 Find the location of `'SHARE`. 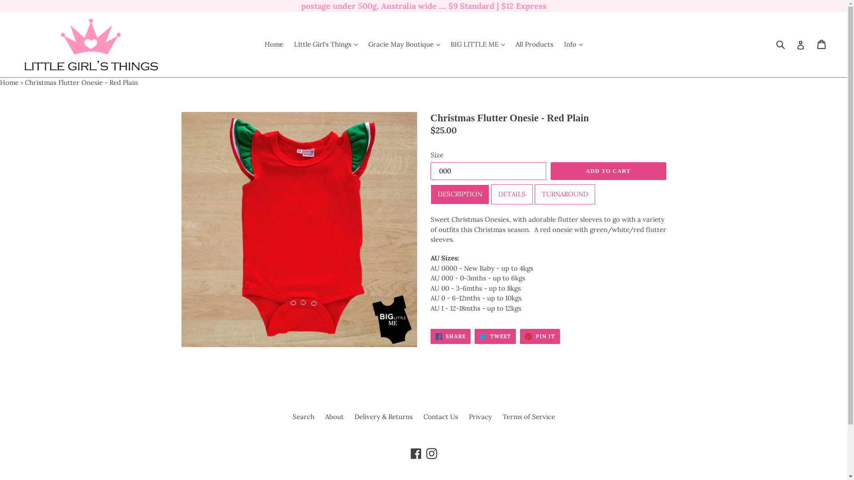

'SHARE is located at coordinates (451, 336).